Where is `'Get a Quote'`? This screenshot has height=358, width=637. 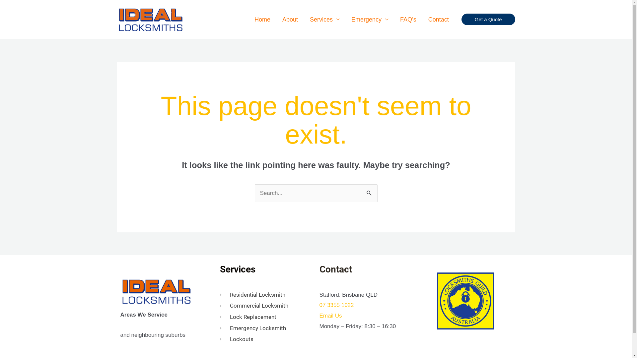 'Get a Quote' is located at coordinates (488, 19).